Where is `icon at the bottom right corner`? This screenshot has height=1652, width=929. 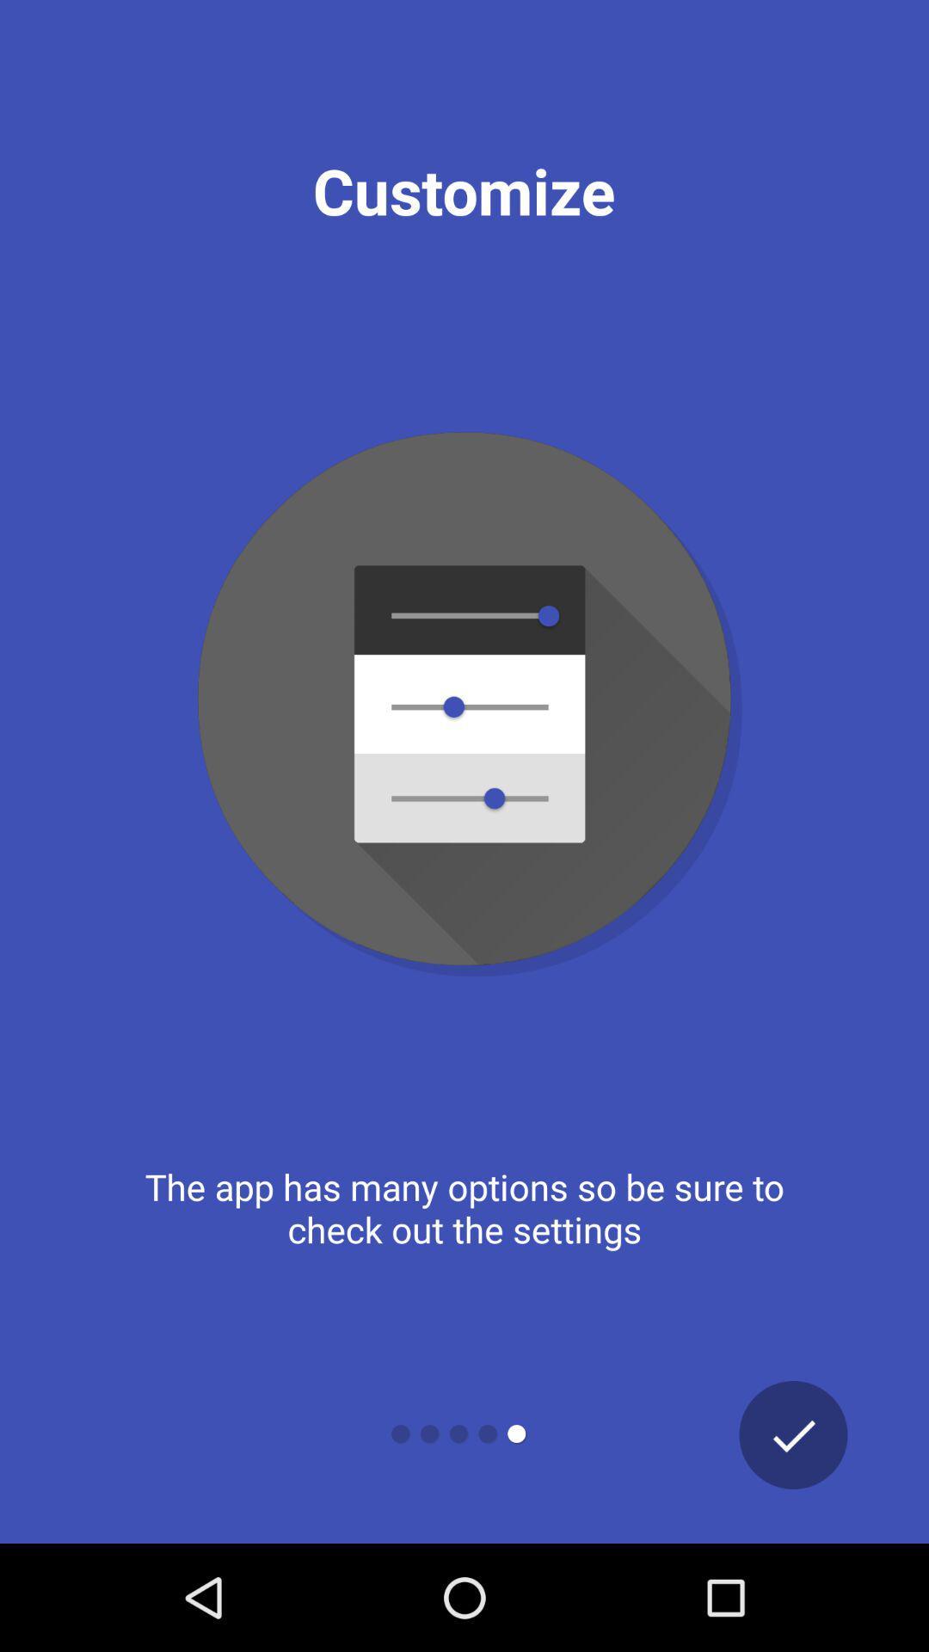 icon at the bottom right corner is located at coordinates (793, 1435).